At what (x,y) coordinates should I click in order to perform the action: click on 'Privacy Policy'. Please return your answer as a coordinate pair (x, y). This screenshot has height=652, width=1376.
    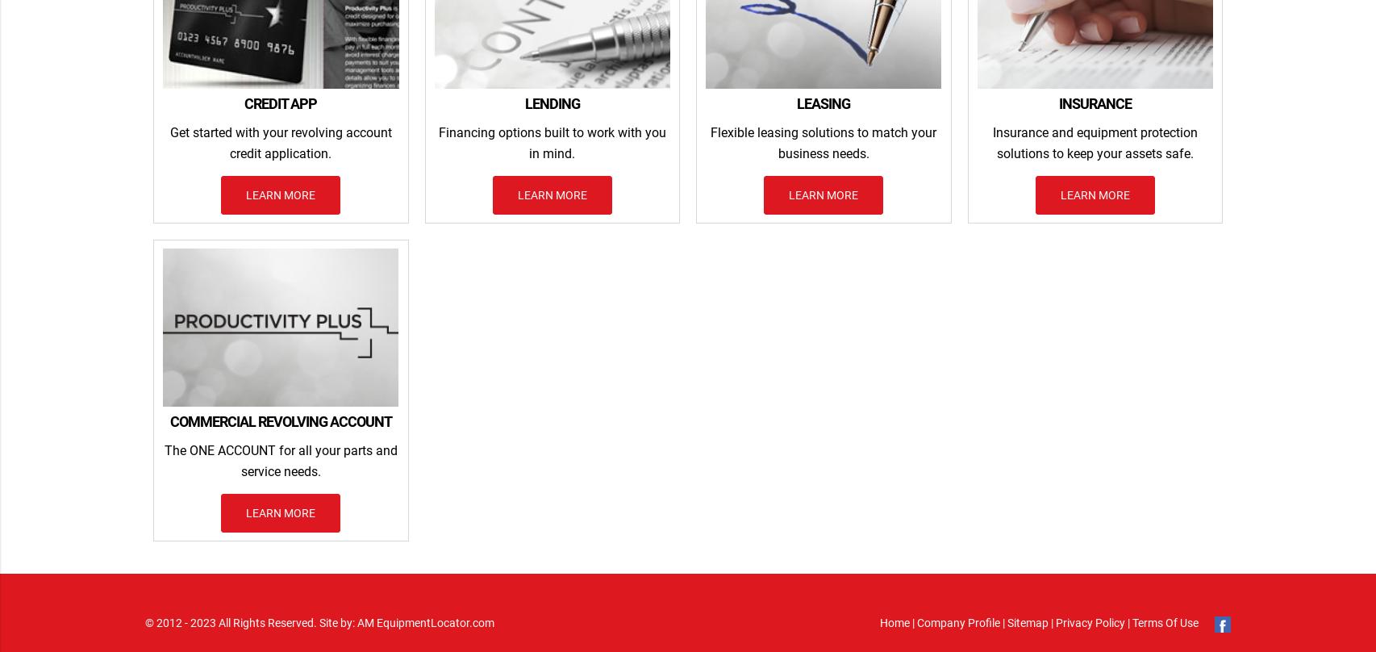
    Looking at the image, I should click on (1088, 621).